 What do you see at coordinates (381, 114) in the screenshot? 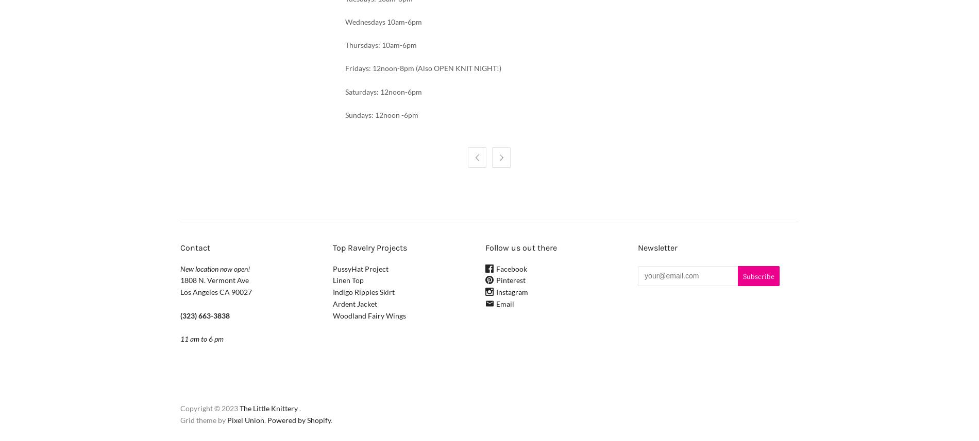
I see `'Sundays: 12noon -6pm'` at bounding box center [381, 114].